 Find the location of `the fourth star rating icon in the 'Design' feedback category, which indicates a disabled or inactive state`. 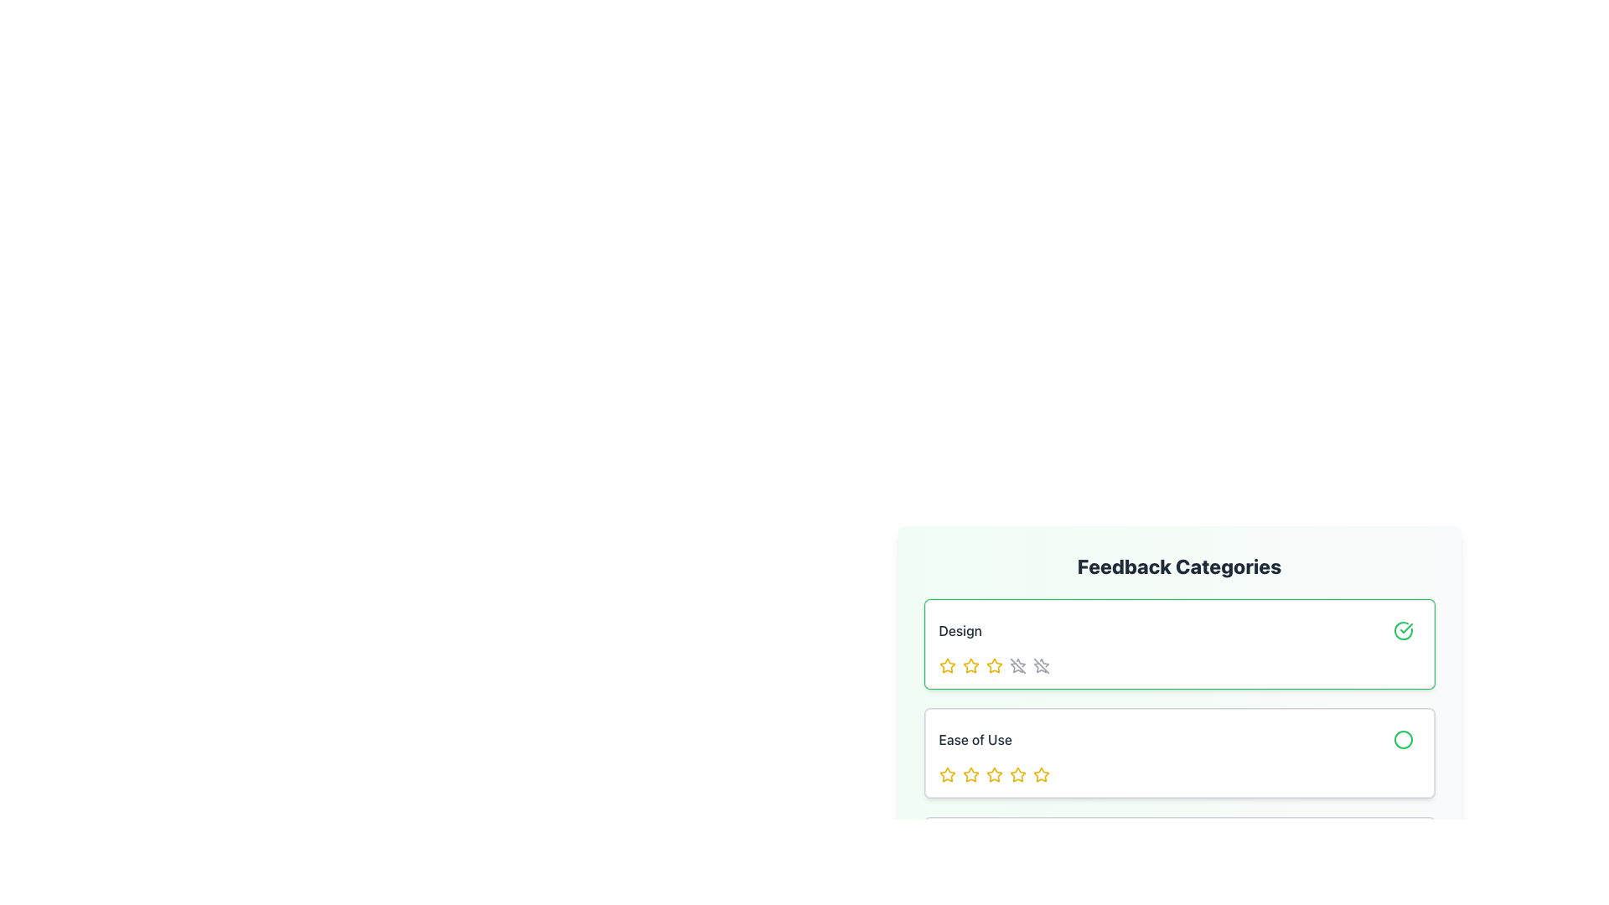

the fourth star rating icon in the 'Design' feedback category, which indicates a disabled or inactive state is located at coordinates (1038, 667).